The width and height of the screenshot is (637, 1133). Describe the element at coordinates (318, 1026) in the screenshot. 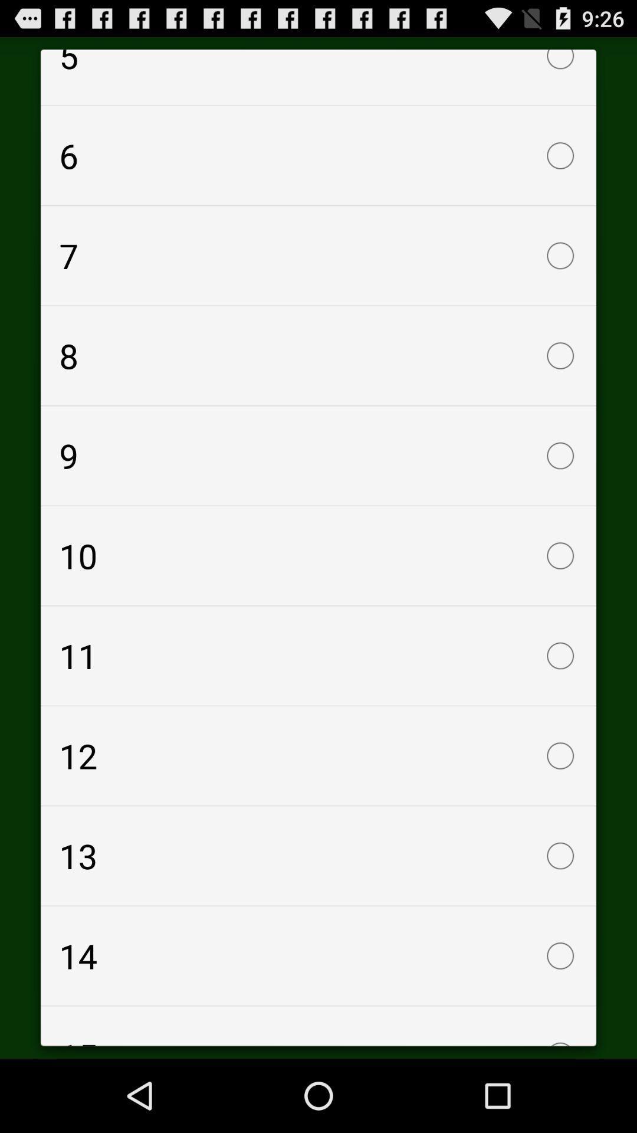

I see `15 icon` at that location.